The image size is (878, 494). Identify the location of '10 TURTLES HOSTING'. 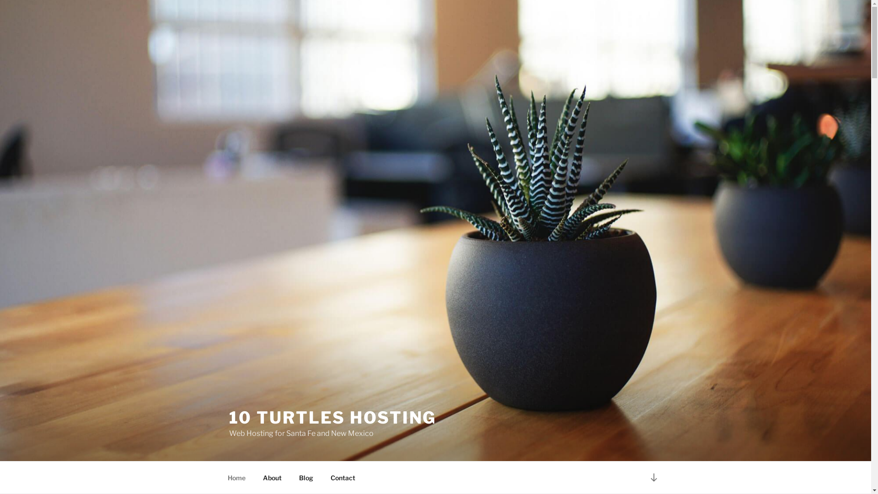
(332, 418).